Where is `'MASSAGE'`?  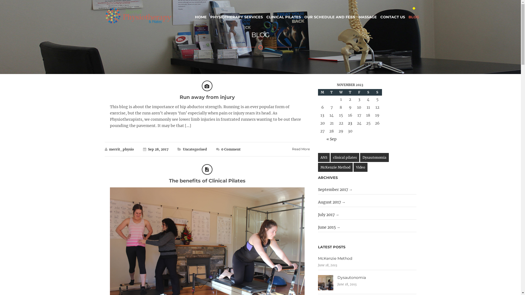
'MASSAGE' is located at coordinates (358, 13).